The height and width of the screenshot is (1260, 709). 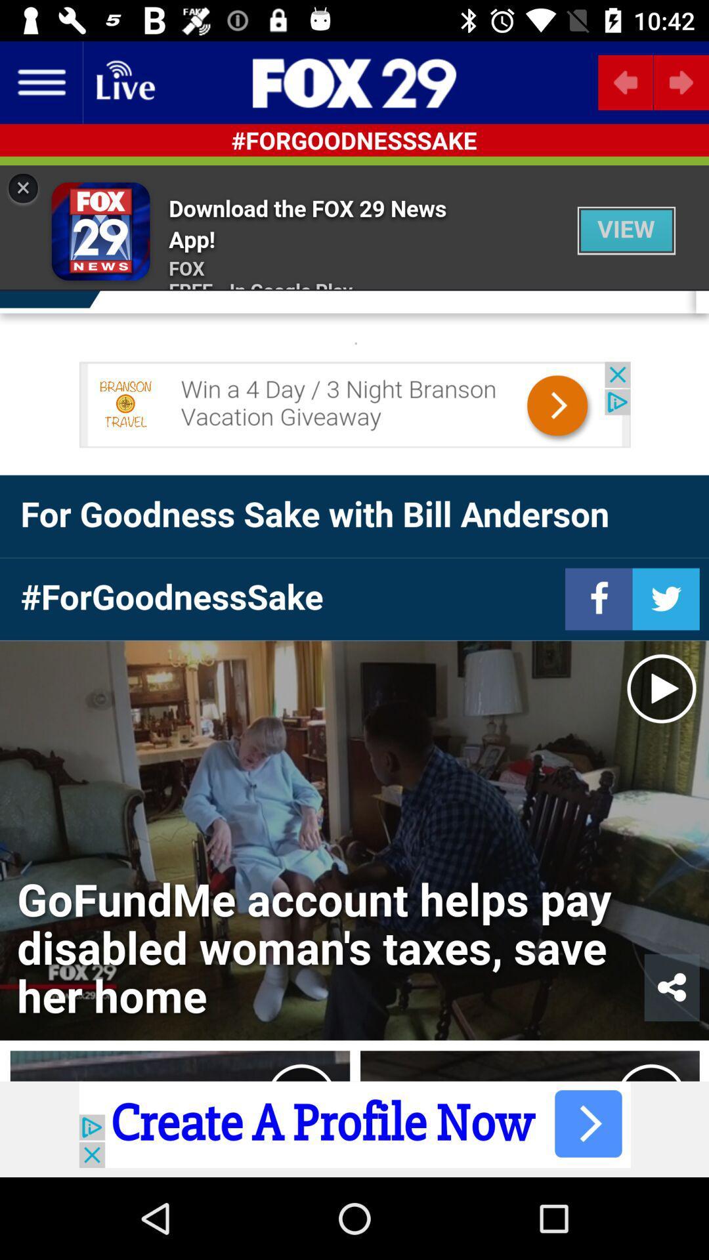 I want to click on the arrow_forward icon, so click(x=680, y=81).